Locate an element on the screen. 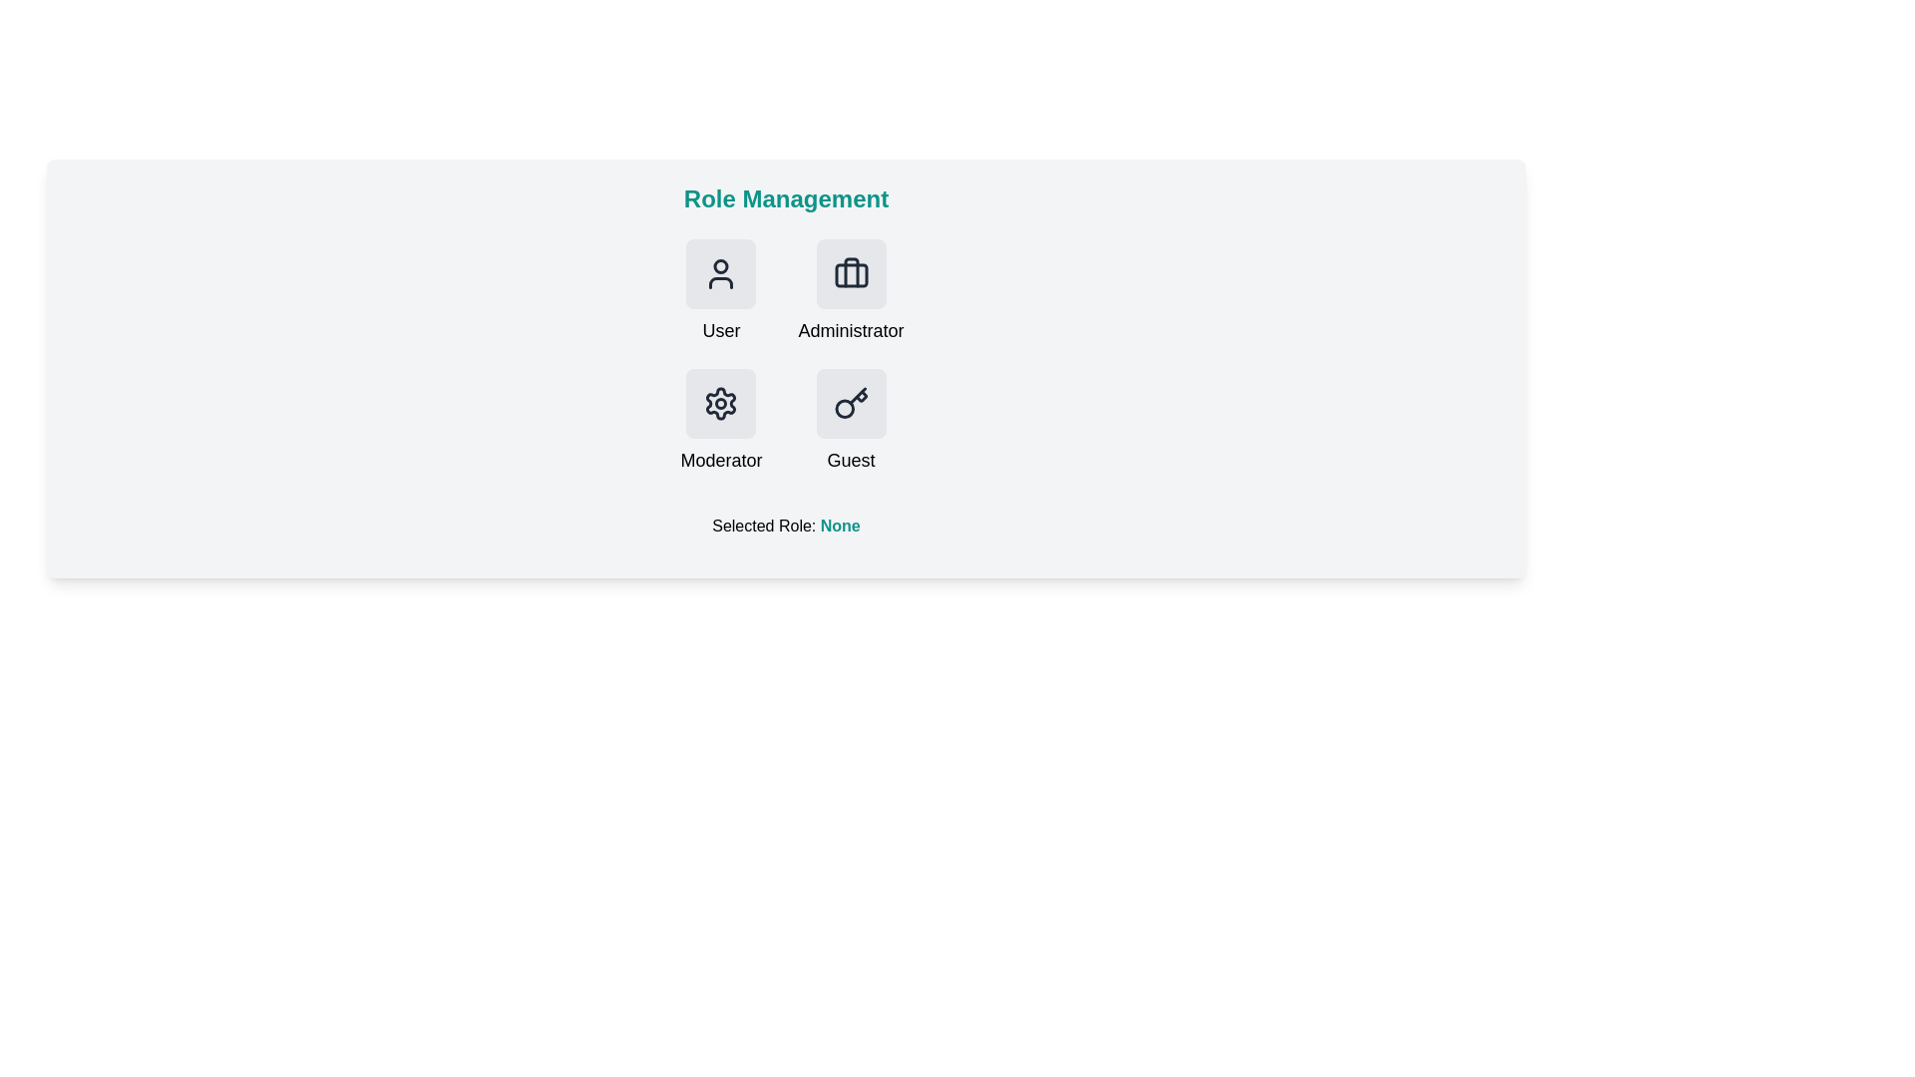 This screenshot has height=1077, width=1915. the vertical handle part of the suitcase icon located in the top right of the 2x2 grid below the 'Role Management' title is located at coordinates (851, 272).